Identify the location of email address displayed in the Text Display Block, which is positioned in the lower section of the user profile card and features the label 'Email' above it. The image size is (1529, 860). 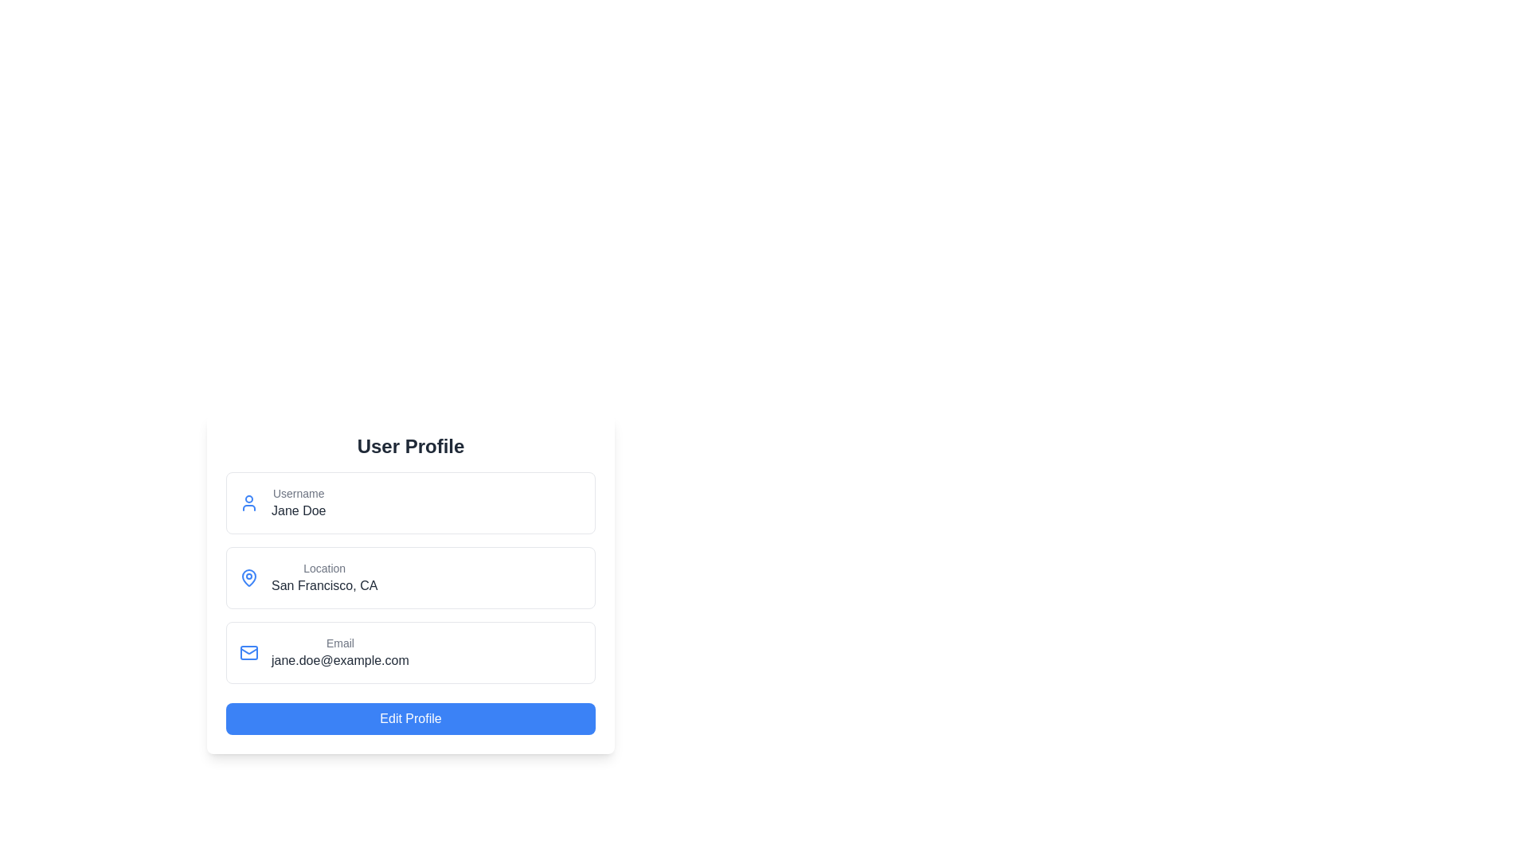
(339, 653).